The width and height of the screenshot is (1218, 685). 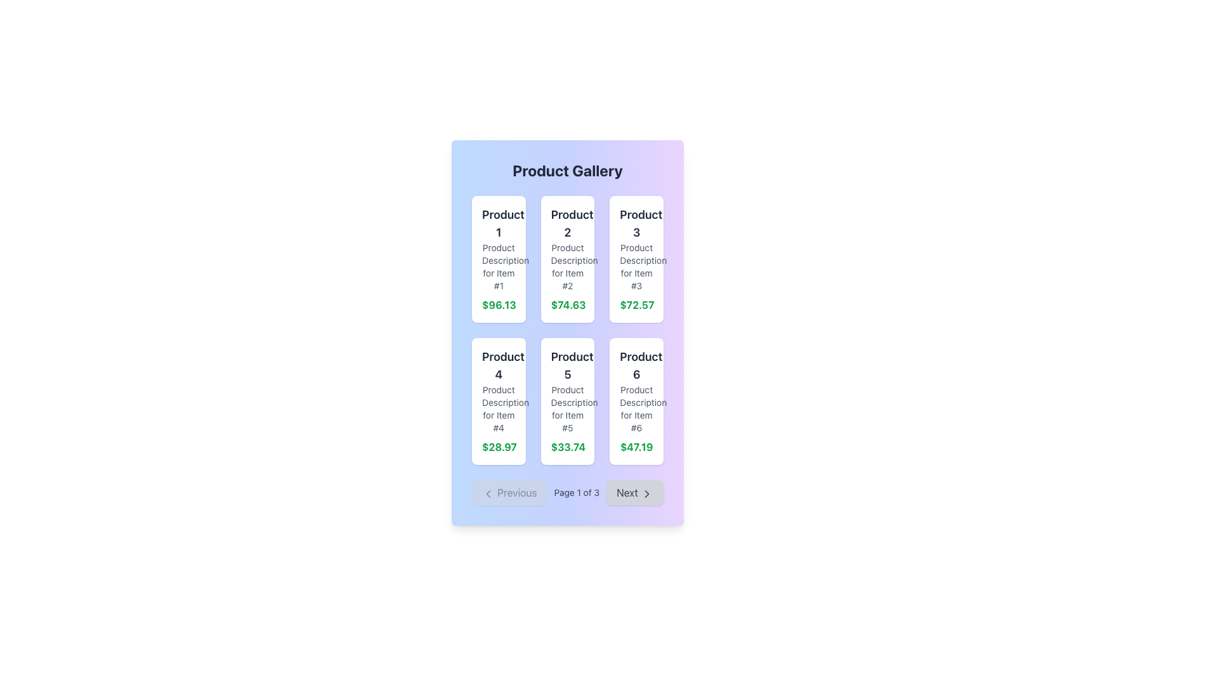 What do you see at coordinates (636, 401) in the screenshot?
I see `the product card located in the third column of the second row, which presents information about a specific product including its name, description, and price` at bounding box center [636, 401].